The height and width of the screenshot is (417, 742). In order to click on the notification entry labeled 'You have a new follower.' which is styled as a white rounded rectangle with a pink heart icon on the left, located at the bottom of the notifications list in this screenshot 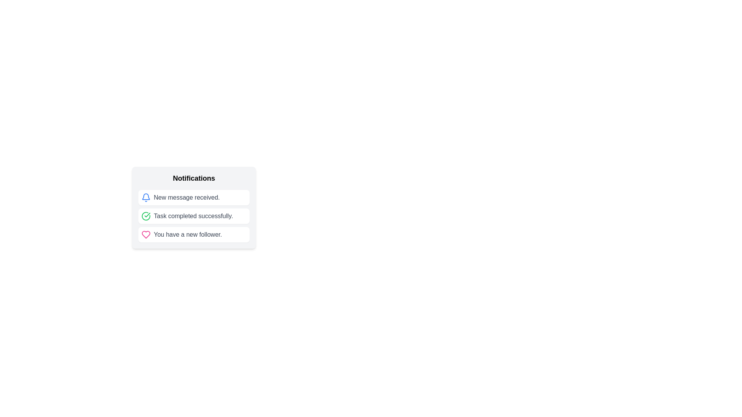, I will do `click(194, 234)`.